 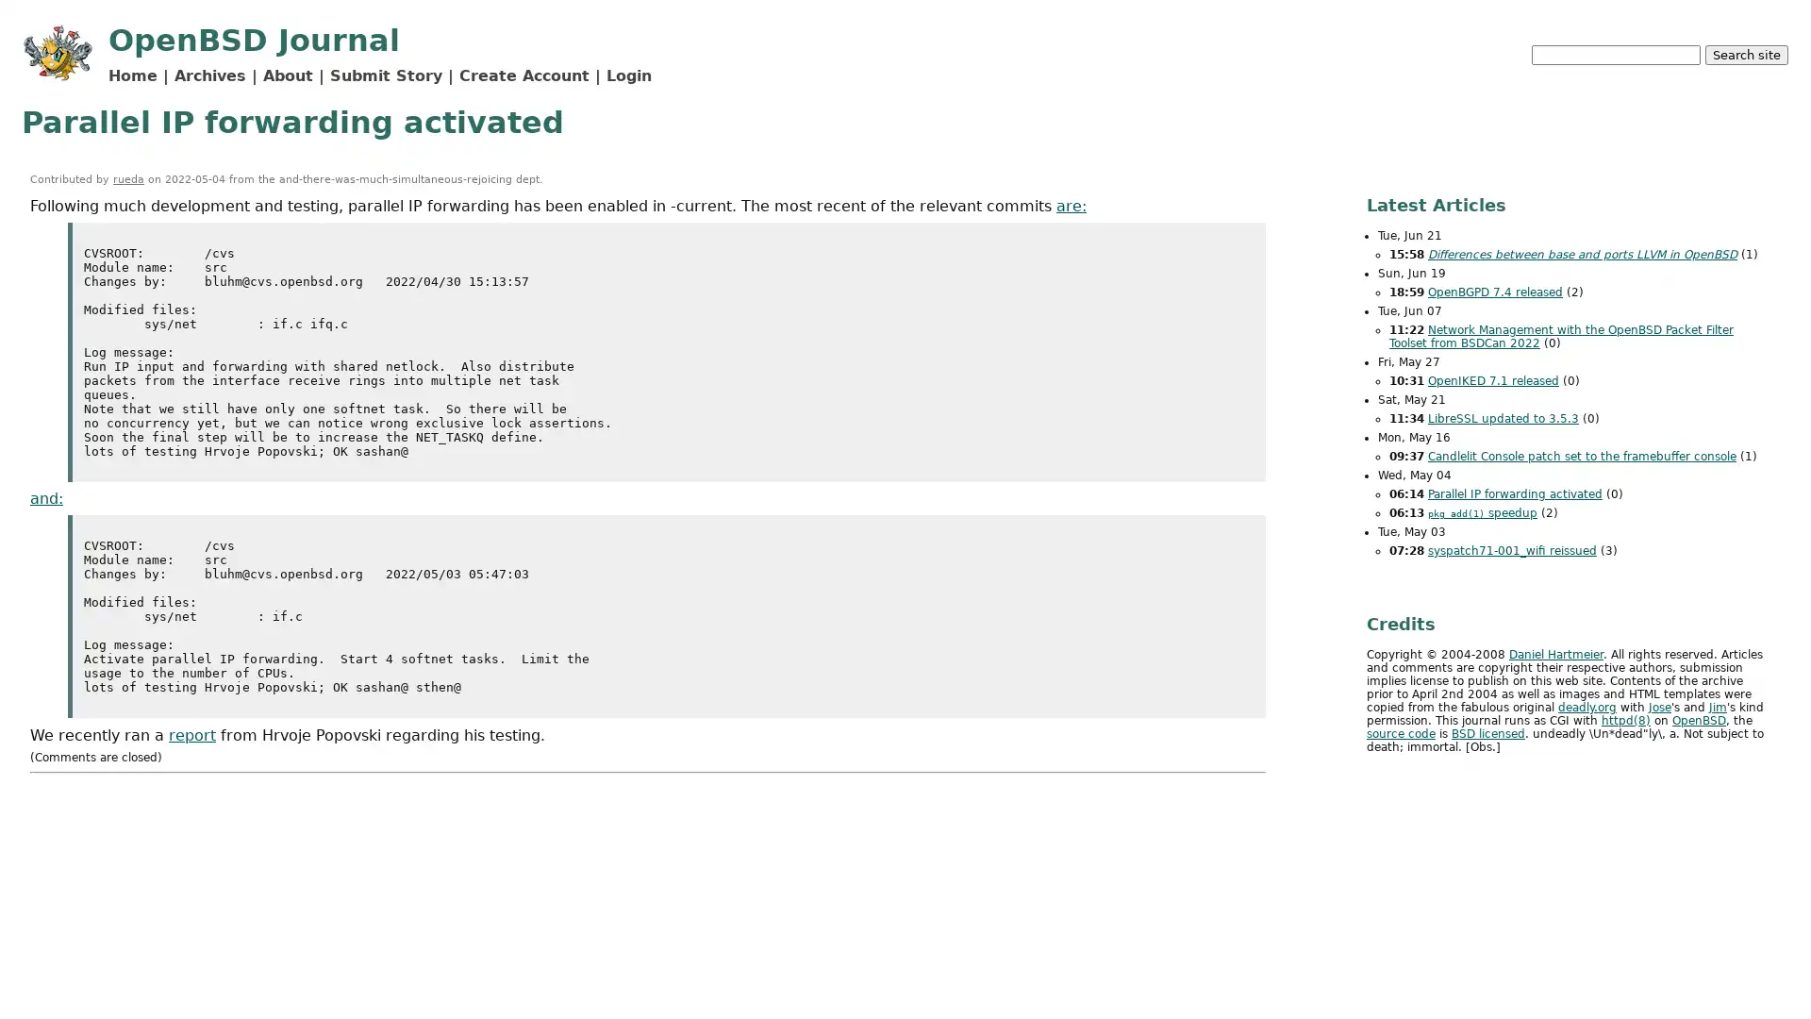 I want to click on Search site, so click(x=1746, y=54).